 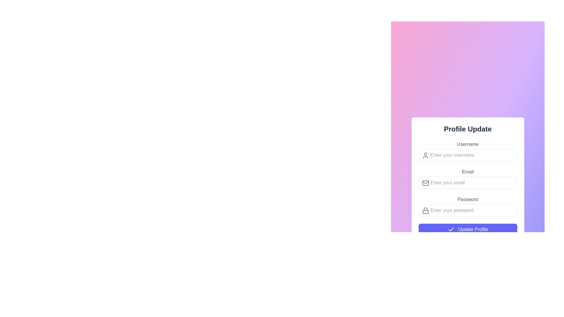 I want to click on the 'Password' input field, which is below the 'Email' input group and above the 'Update Profile' button in the 'Profile Update' form, so click(x=467, y=206).